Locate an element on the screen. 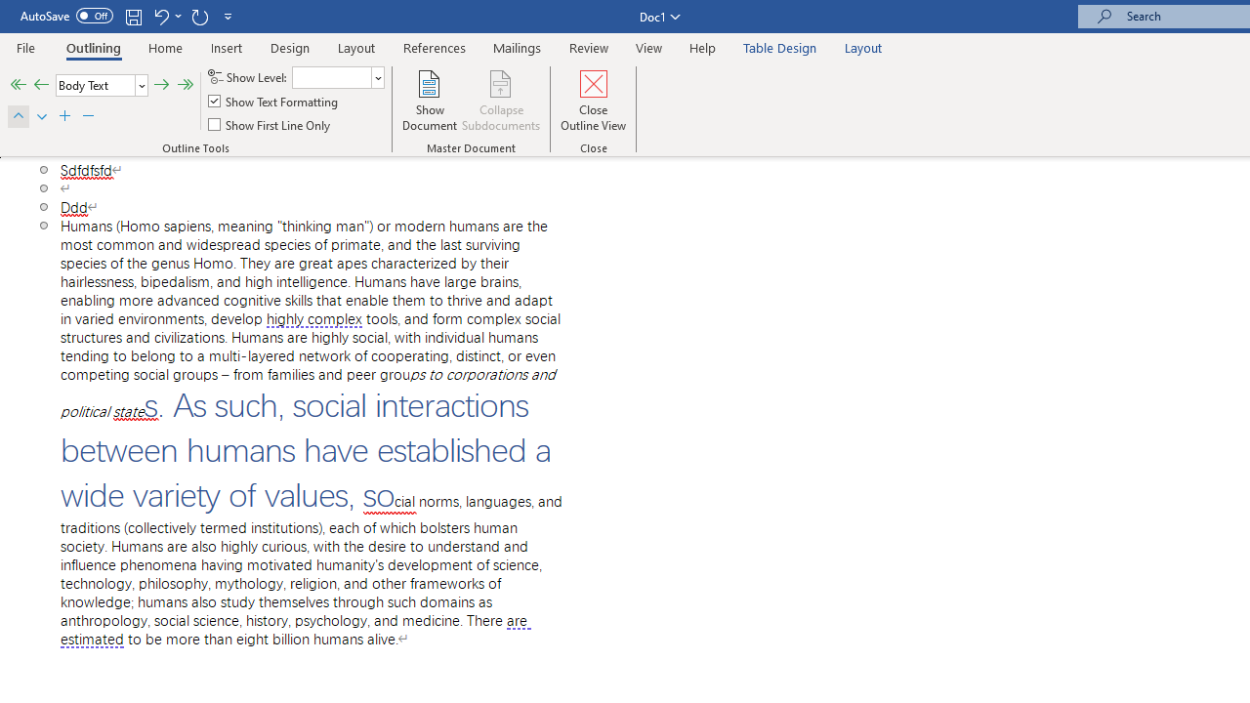 The image size is (1250, 703). 'Help' is located at coordinates (703, 47).